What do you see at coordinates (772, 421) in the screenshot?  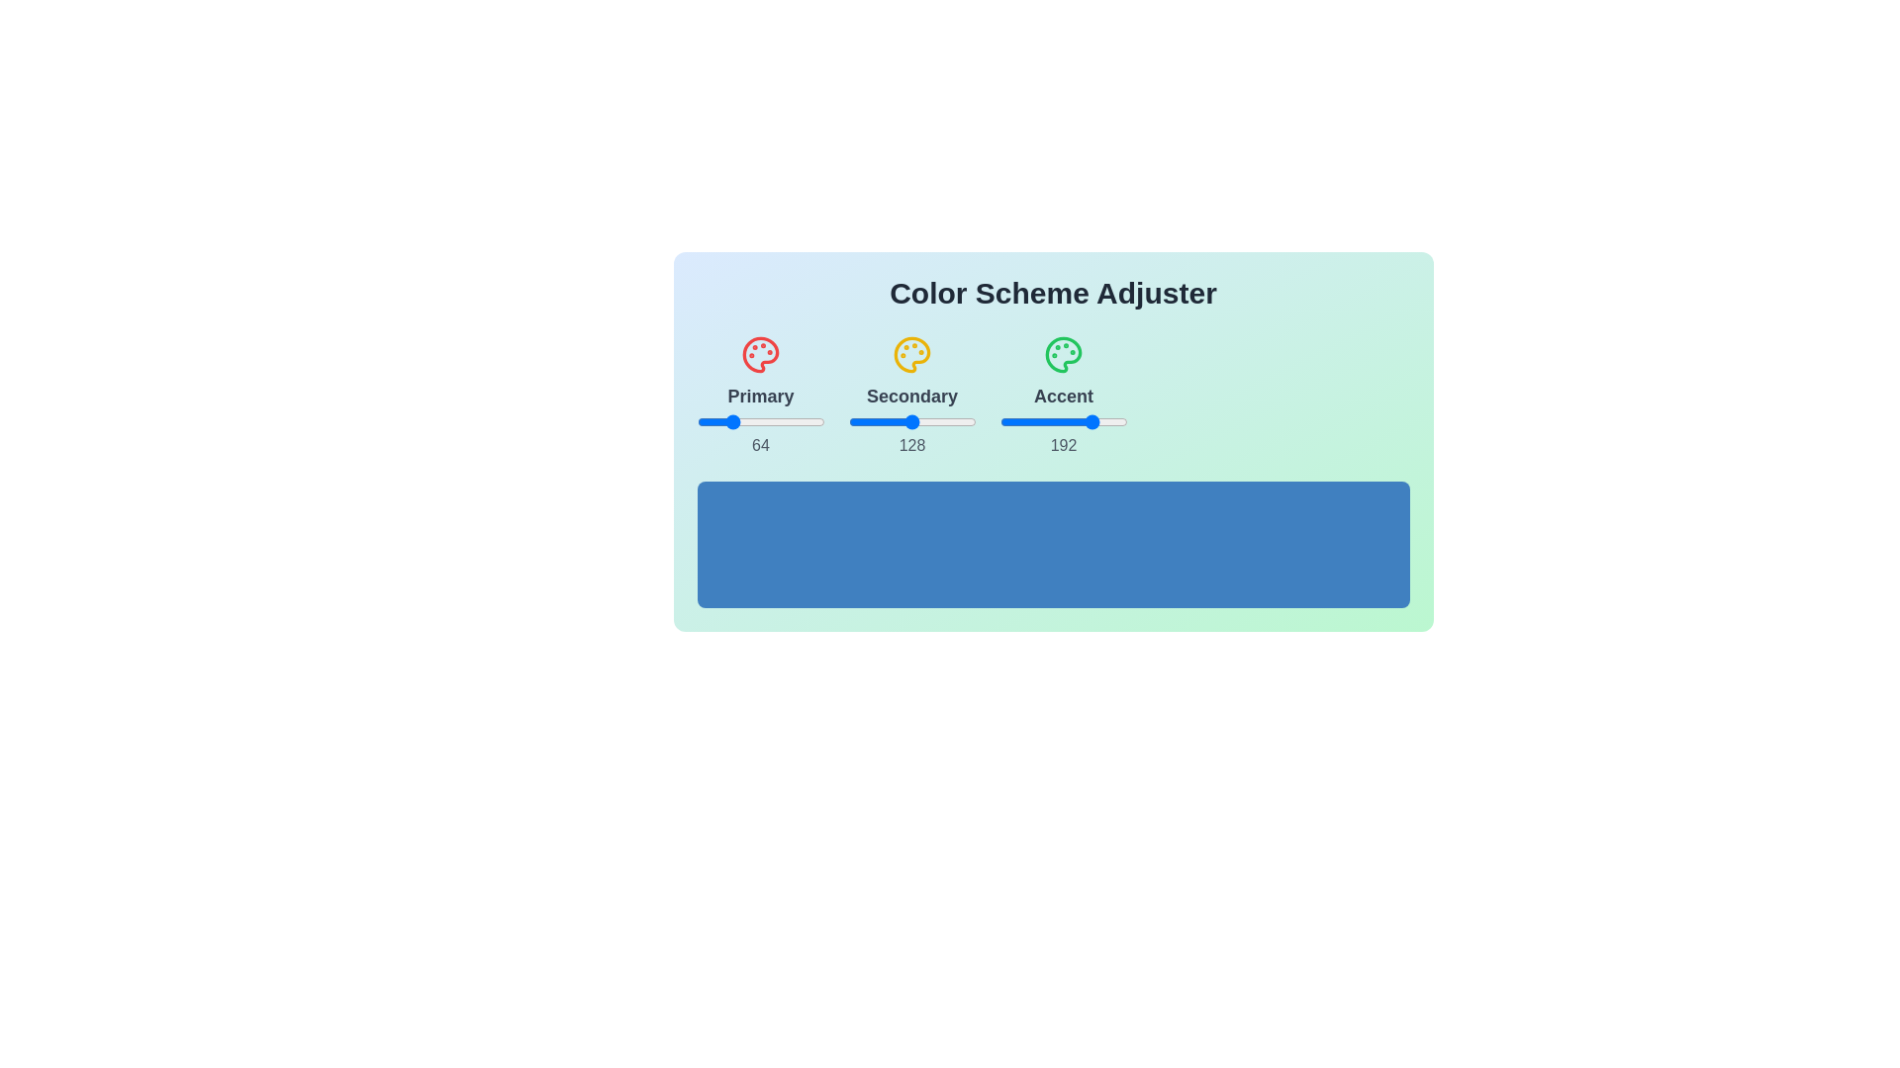 I see `the 0 slider to 25` at bounding box center [772, 421].